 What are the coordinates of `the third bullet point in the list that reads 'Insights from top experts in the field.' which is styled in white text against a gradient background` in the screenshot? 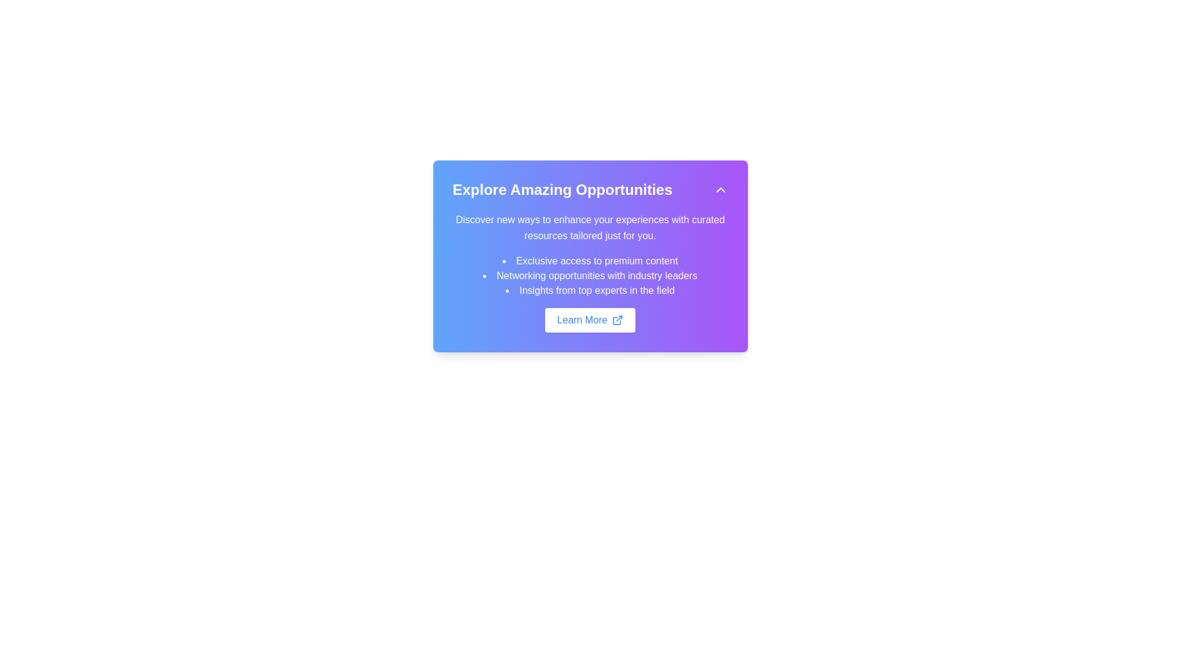 It's located at (590, 291).